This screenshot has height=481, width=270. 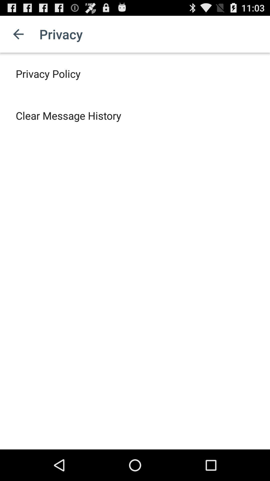 I want to click on the item next to the privacy app, so click(x=18, y=34).